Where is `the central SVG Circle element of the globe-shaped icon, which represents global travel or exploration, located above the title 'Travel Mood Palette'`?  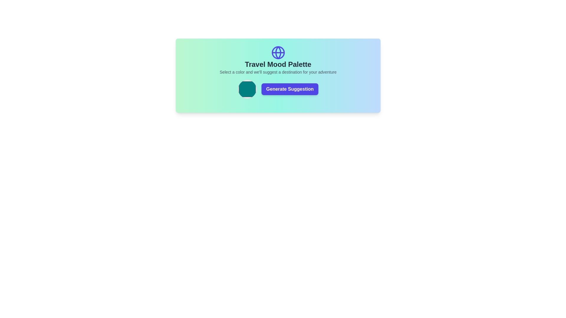 the central SVG Circle element of the globe-shaped icon, which represents global travel or exploration, located above the title 'Travel Mood Palette' is located at coordinates (278, 52).